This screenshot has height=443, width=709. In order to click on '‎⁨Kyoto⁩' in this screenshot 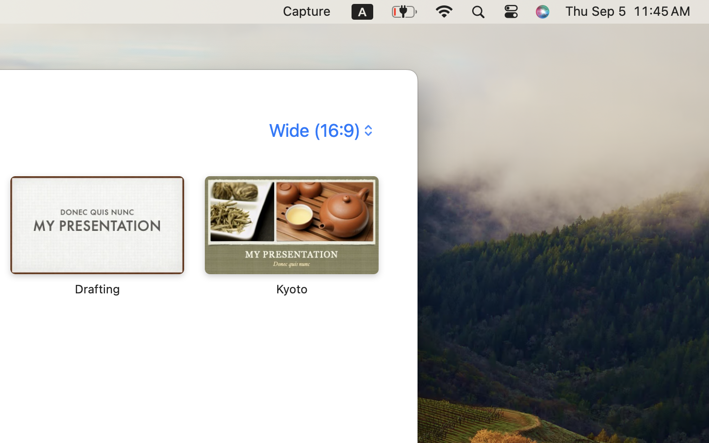, I will do `click(290, 235)`.